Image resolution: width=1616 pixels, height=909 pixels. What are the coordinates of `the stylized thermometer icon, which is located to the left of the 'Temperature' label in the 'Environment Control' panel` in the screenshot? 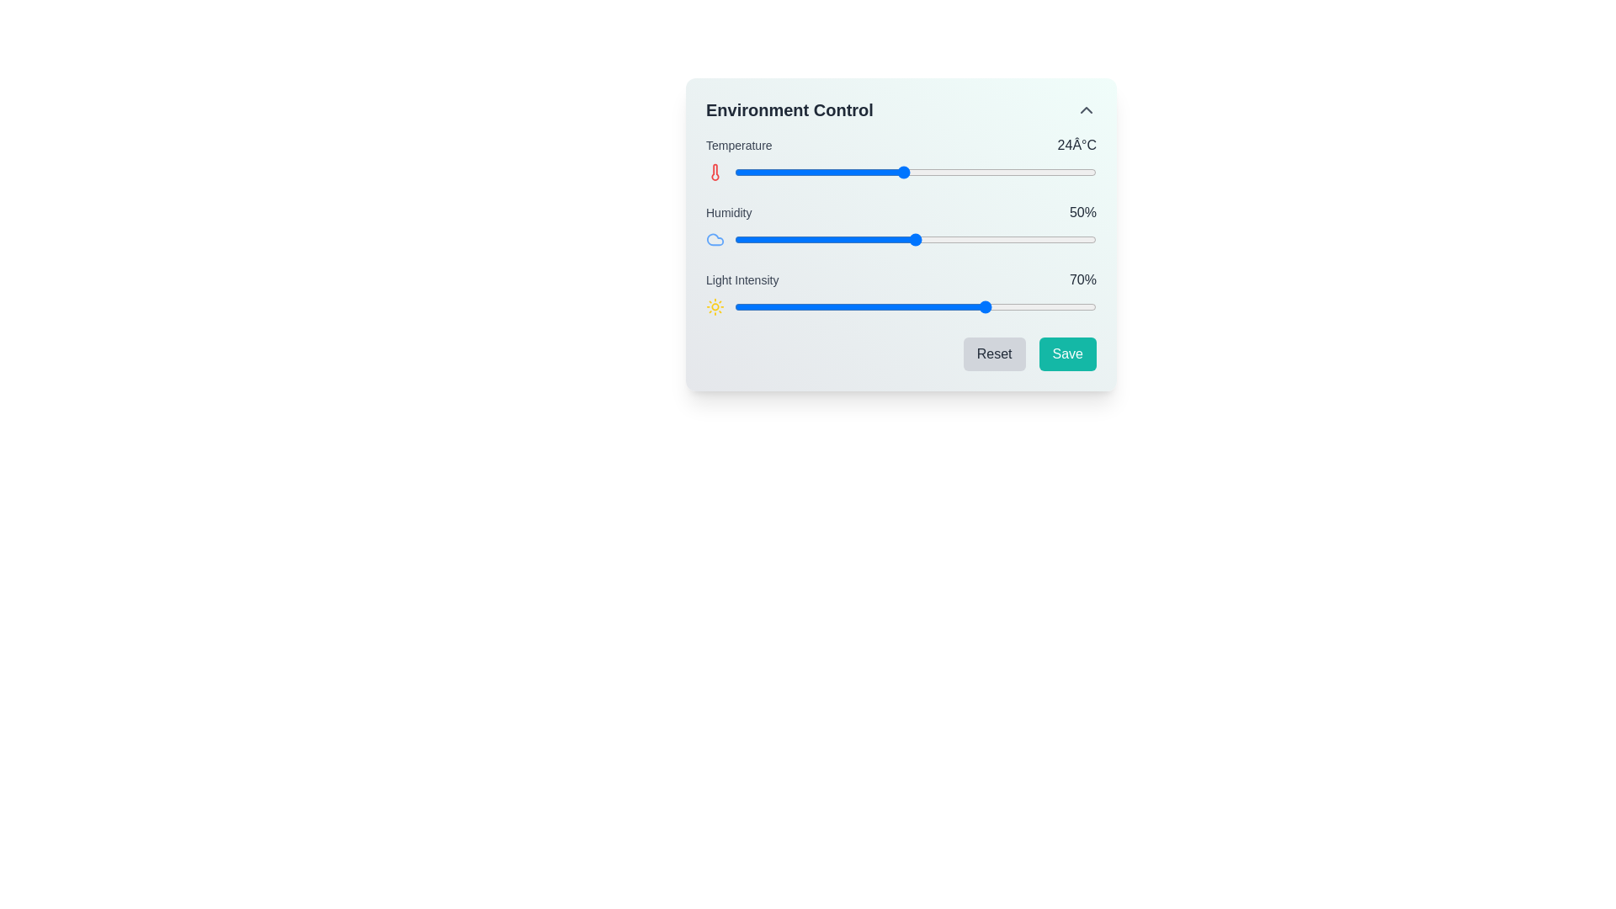 It's located at (715, 172).